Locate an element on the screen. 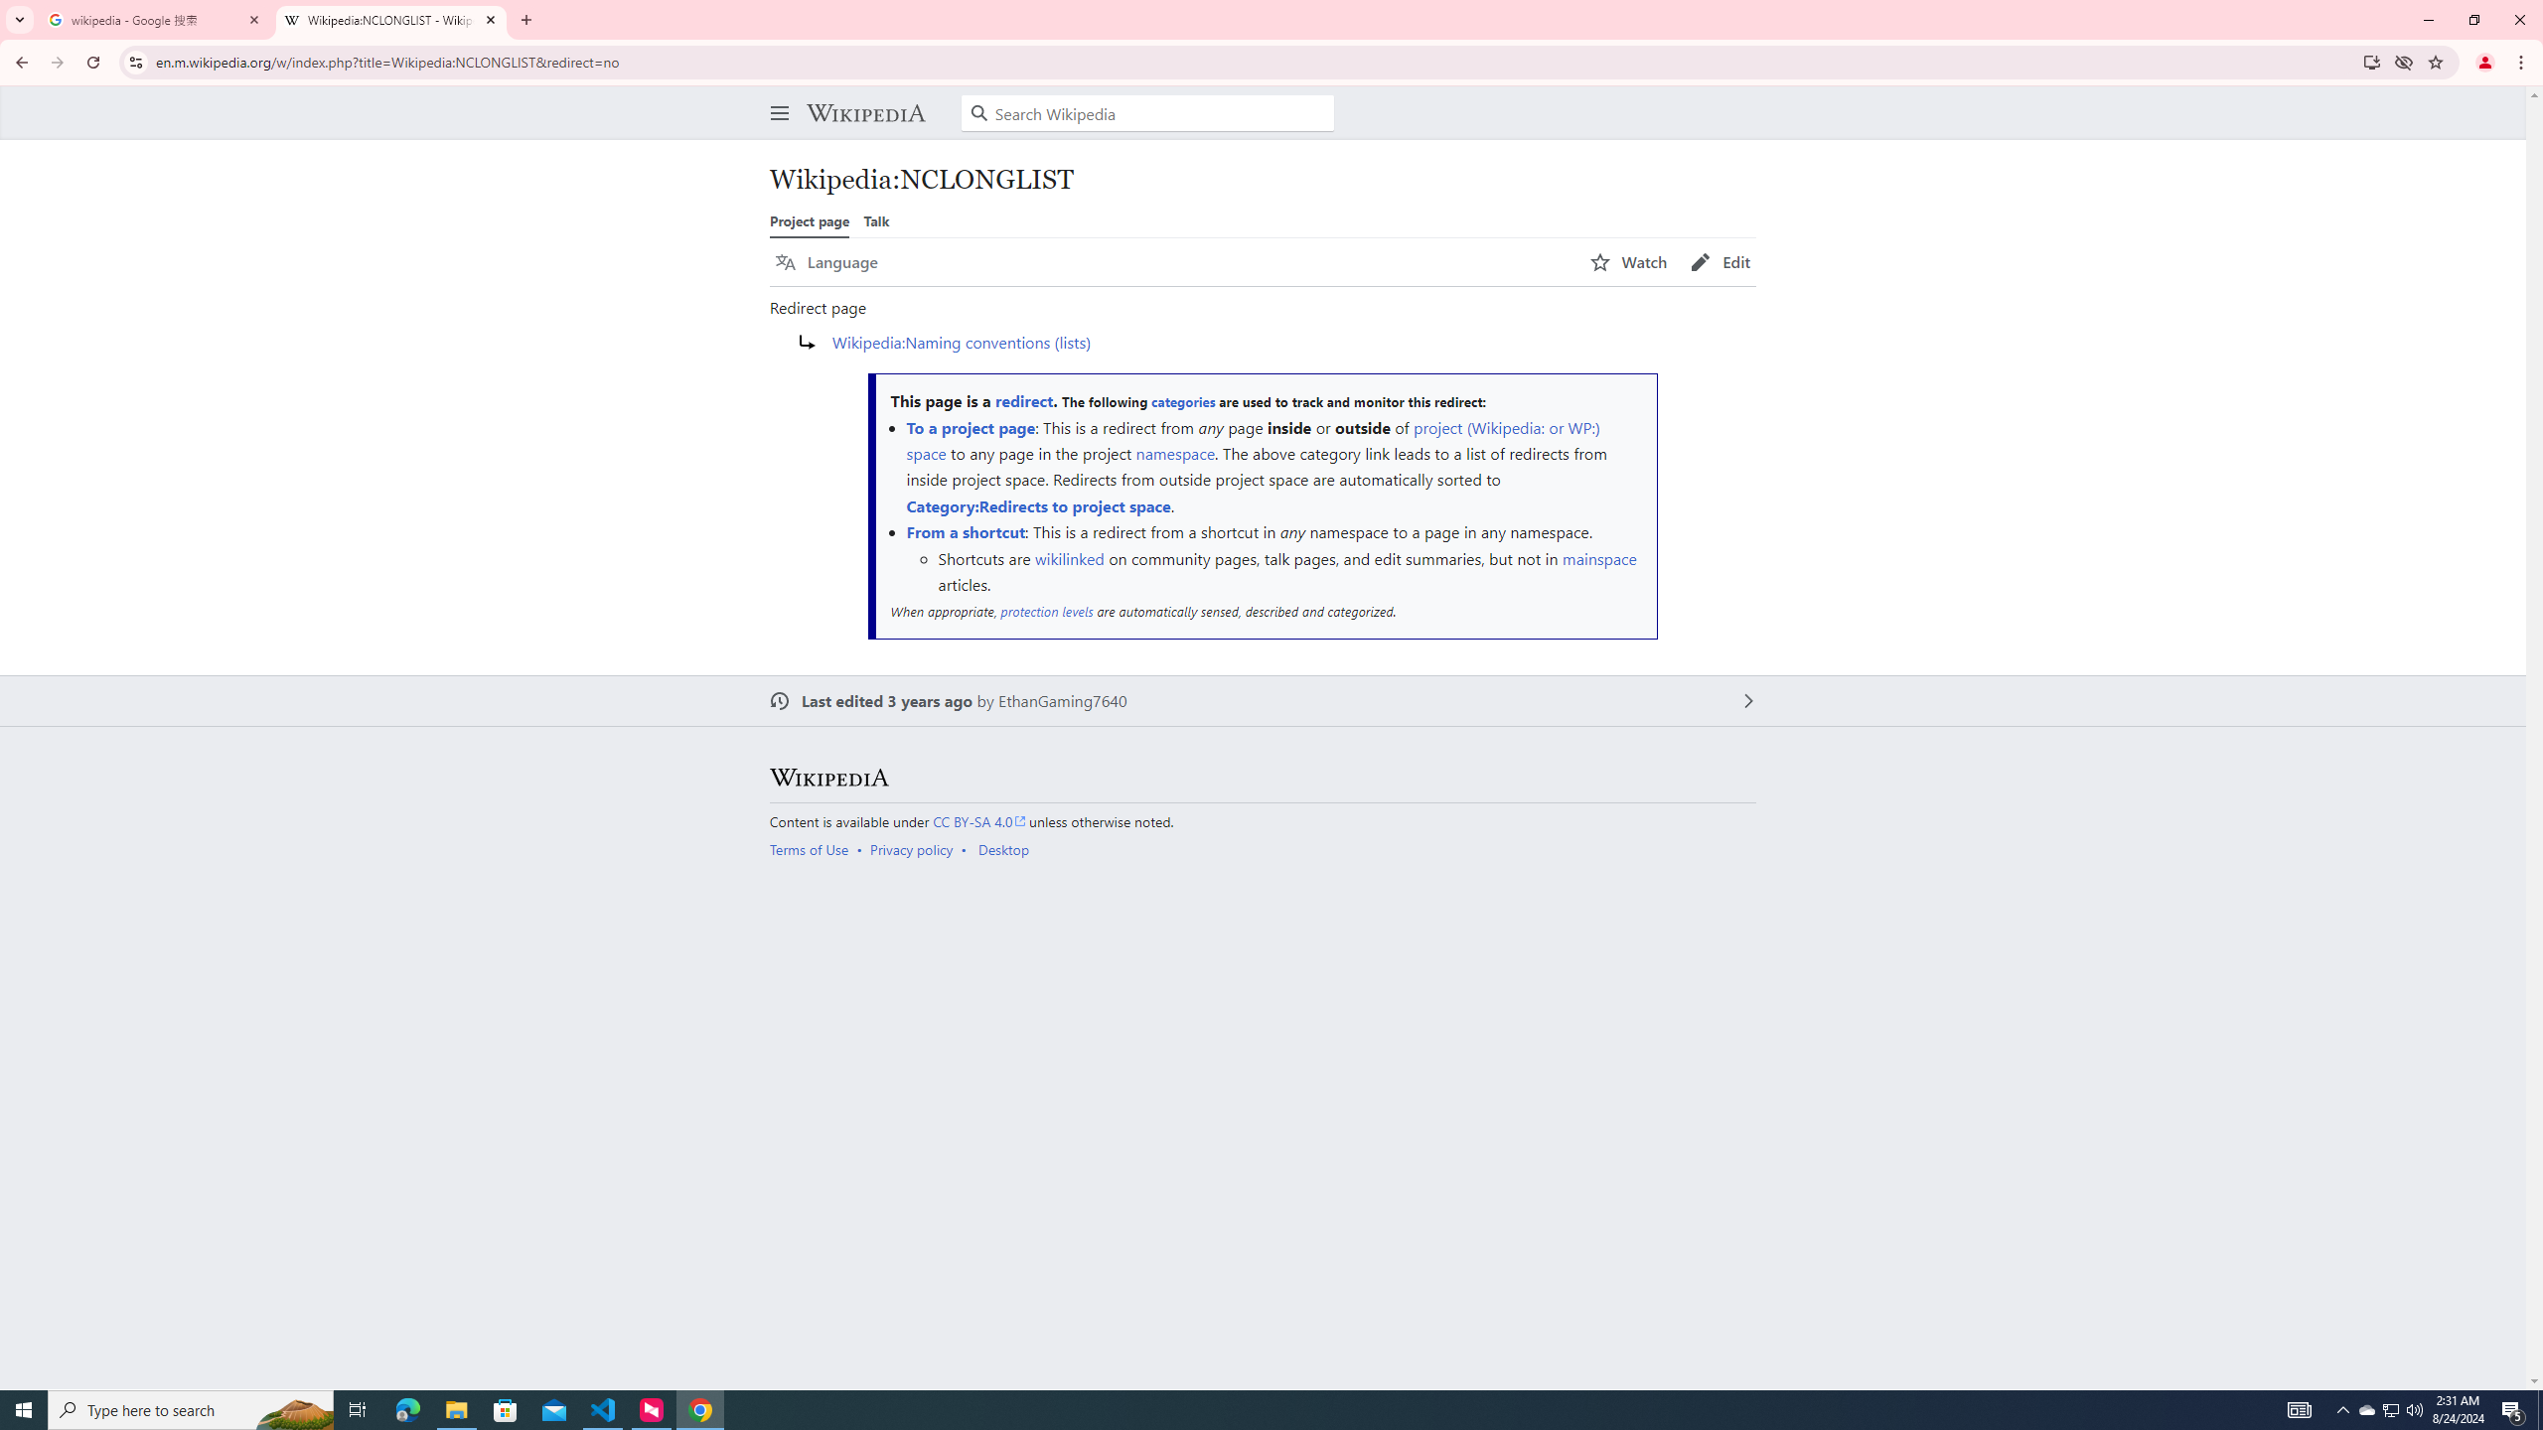  'Watch' is located at coordinates (1627, 262).